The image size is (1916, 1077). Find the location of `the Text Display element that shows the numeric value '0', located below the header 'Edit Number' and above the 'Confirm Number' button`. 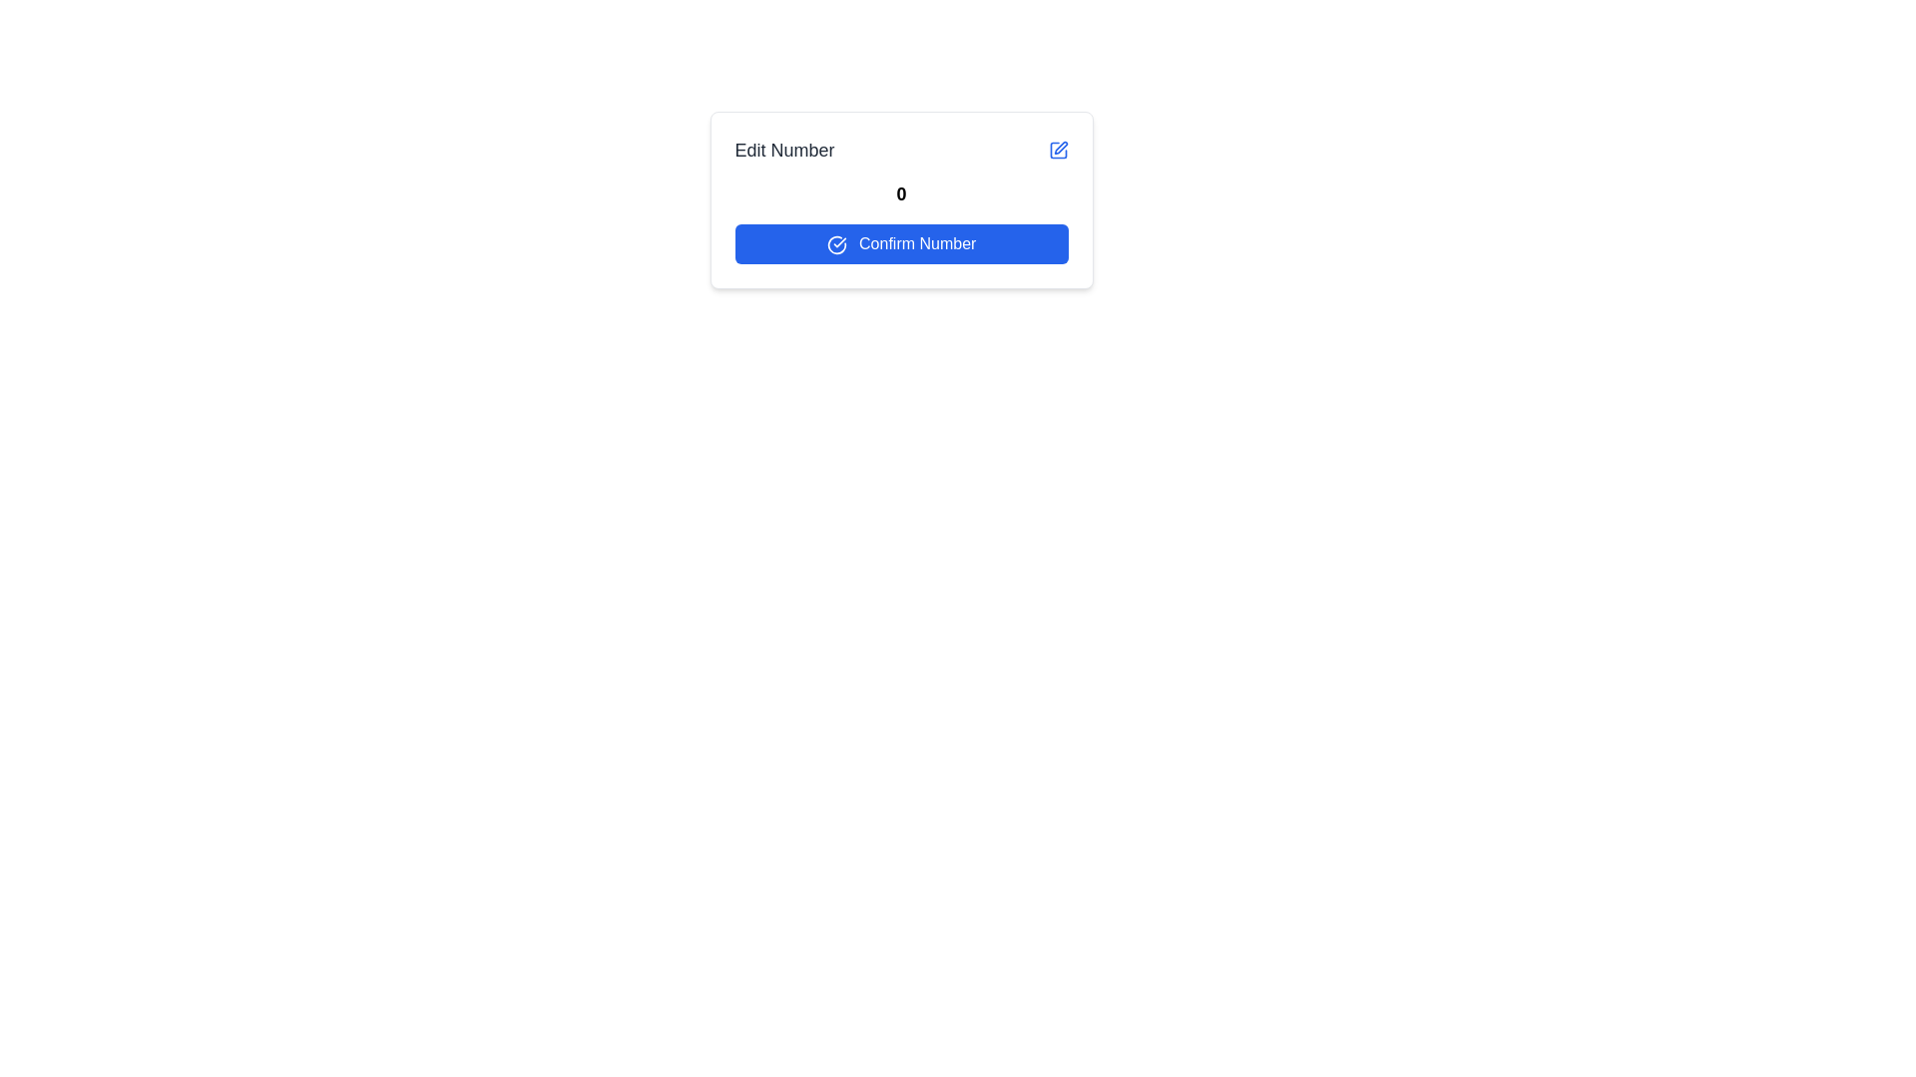

the Text Display element that shows the numeric value '0', located below the header 'Edit Number' and above the 'Confirm Number' button is located at coordinates (900, 194).